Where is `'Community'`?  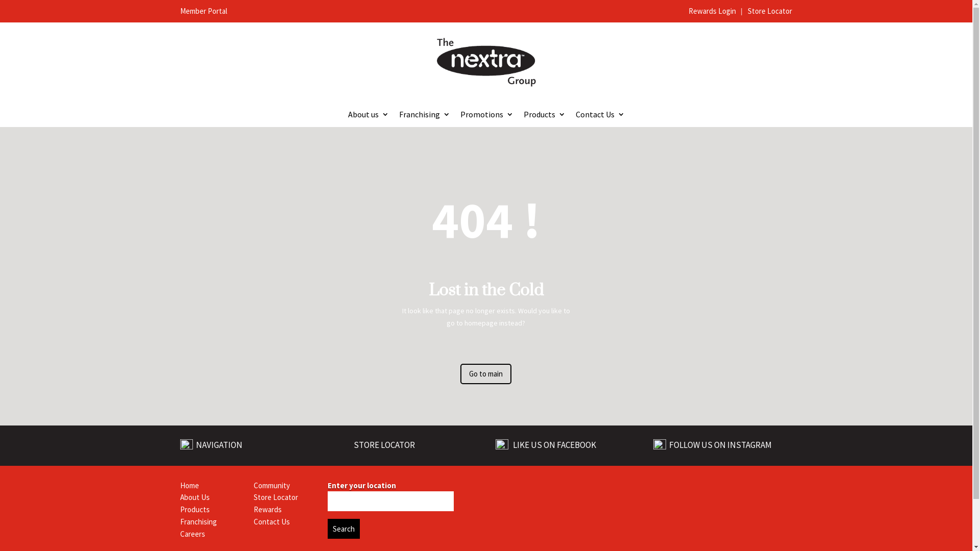
'Community' is located at coordinates (254, 485).